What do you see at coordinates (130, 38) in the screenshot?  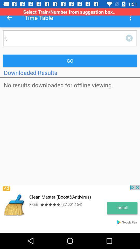 I see `delete` at bounding box center [130, 38].